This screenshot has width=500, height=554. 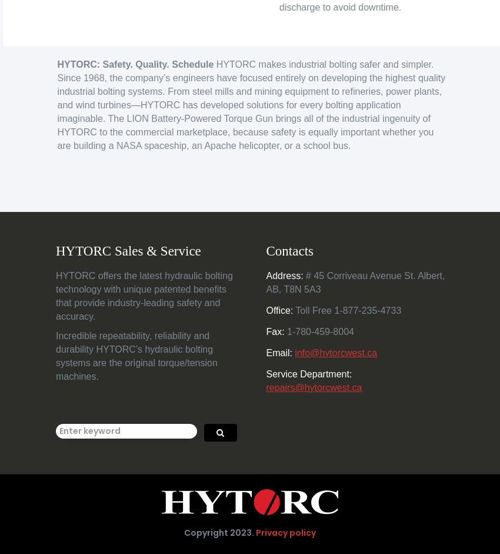 I want to click on 'Contacts', so click(x=289, y=250).